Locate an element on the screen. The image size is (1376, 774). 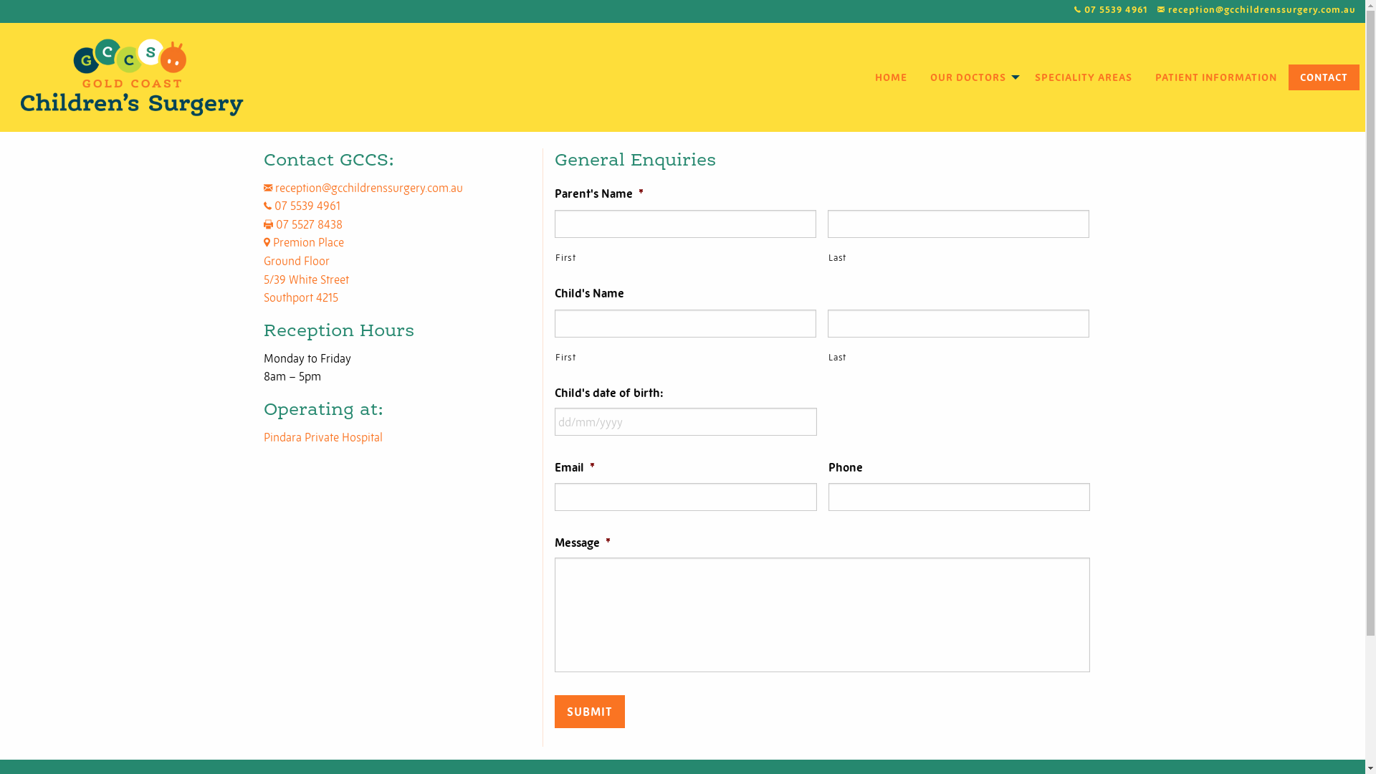
'Premion Place is located at coordinates (305, 269).